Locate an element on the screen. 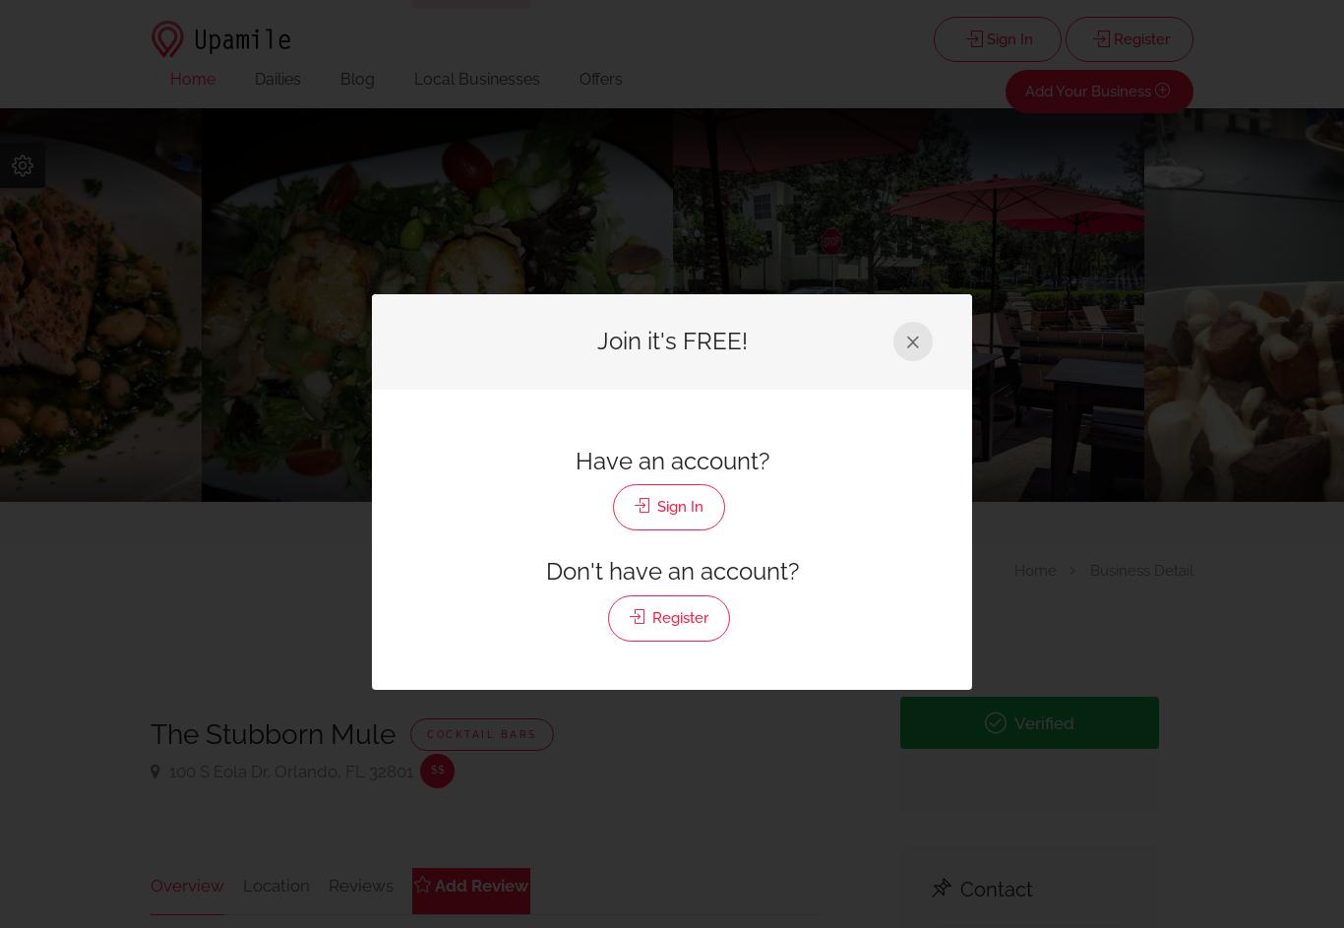 The image size is (1344, 928). 'Add Your Business' is located at coordinates (1023, 90).